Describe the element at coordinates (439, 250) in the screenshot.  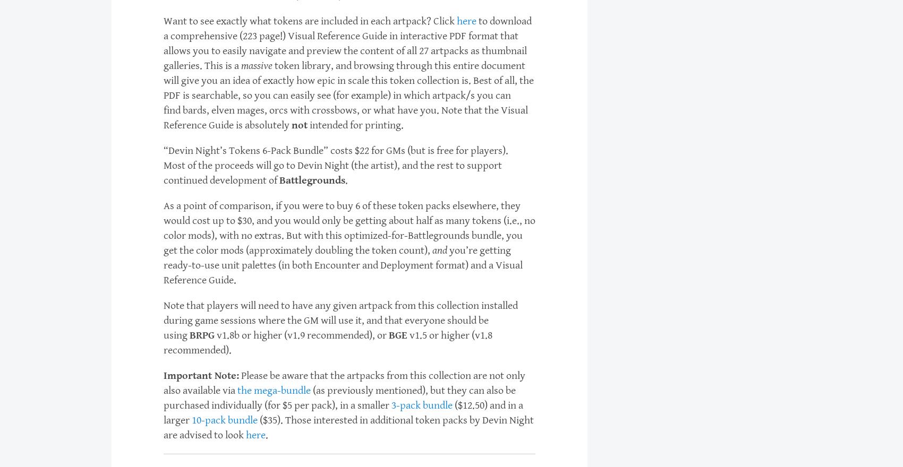
I see `'and'` at that location.